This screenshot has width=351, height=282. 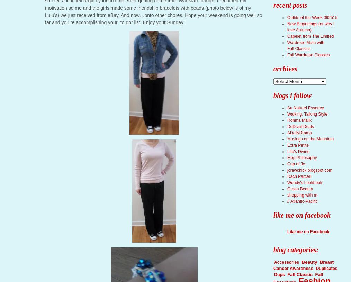 I want to click on 'Life's Divine', so click(x=298, y=151).